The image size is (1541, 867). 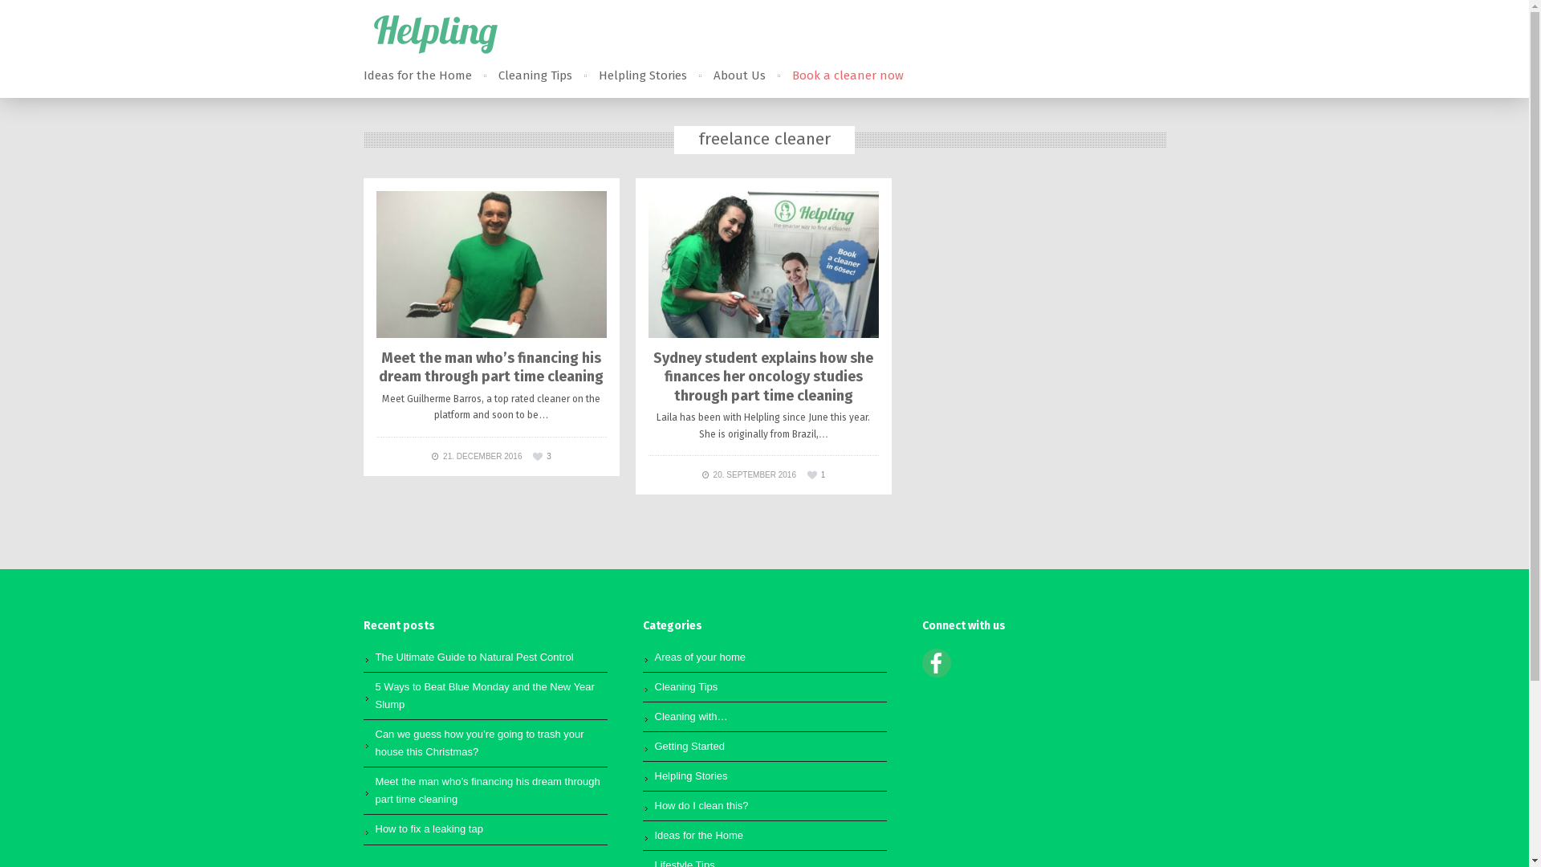 I want to click on 'Book a cleaner now', so click(x=791, y=75).